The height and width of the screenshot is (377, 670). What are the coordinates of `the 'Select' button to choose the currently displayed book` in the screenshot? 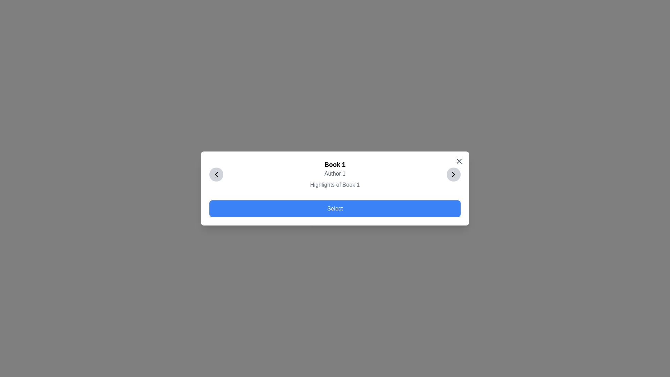 It's located at (335, 208).